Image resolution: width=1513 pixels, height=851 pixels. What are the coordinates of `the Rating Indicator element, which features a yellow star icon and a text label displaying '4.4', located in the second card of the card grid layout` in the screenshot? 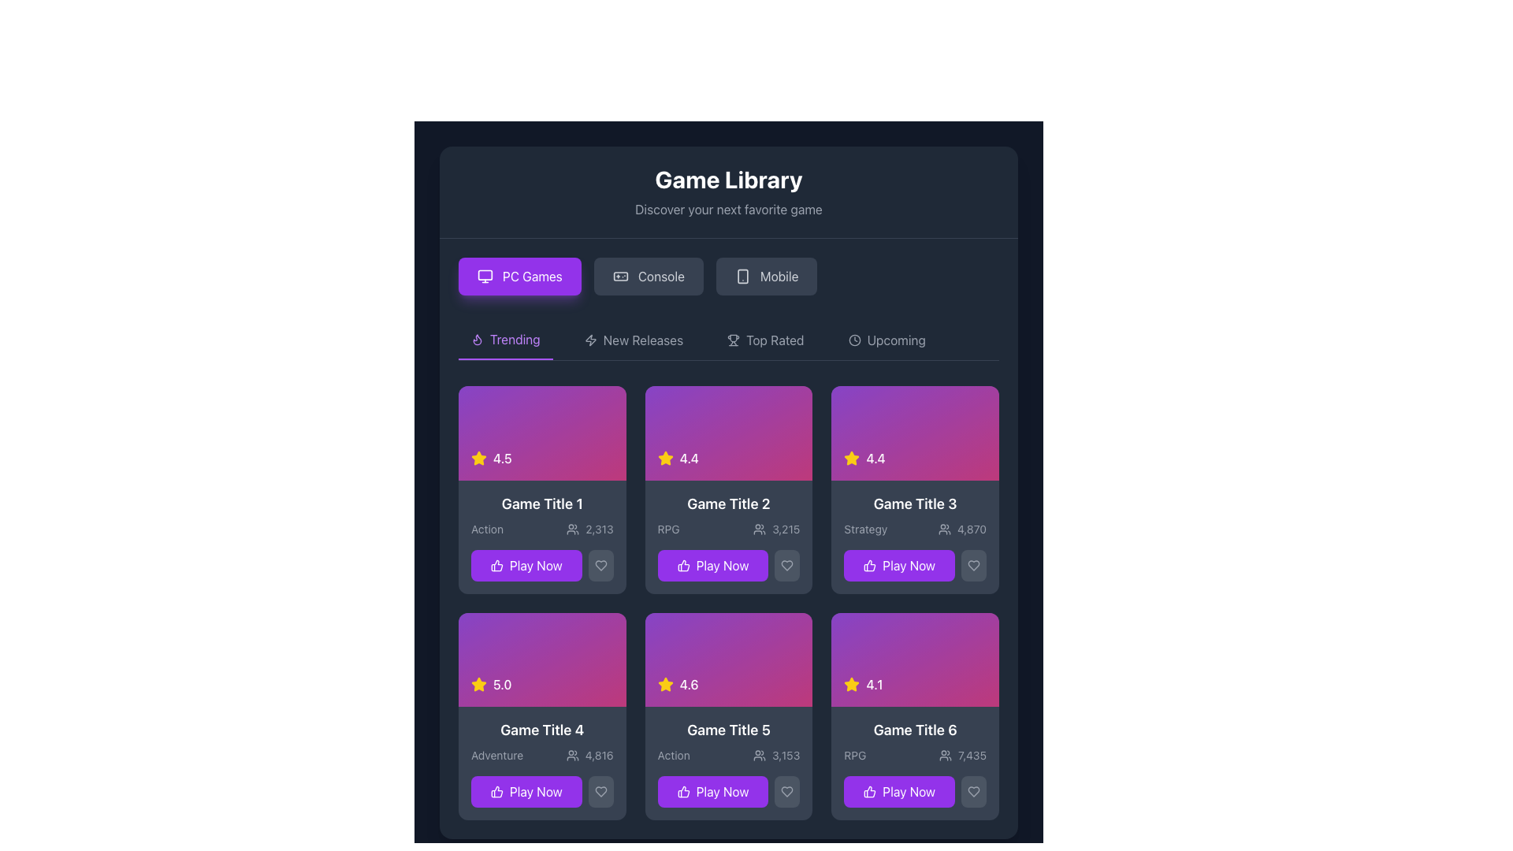 It's located at (864, 458).